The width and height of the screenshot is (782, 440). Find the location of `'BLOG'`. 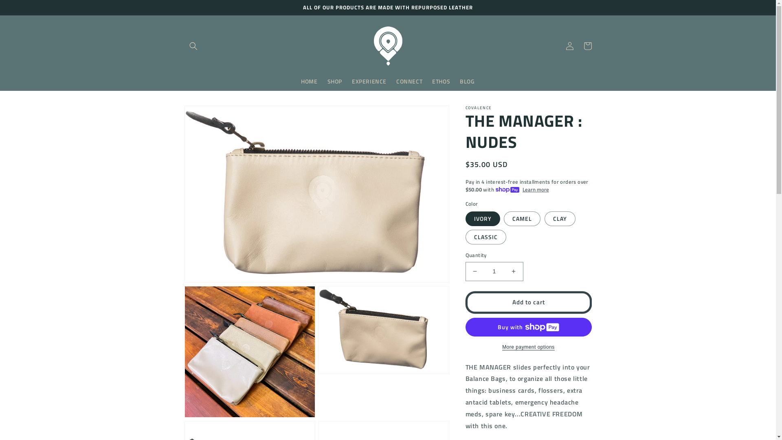

'BLOG' is located at coordinates (467, 81).